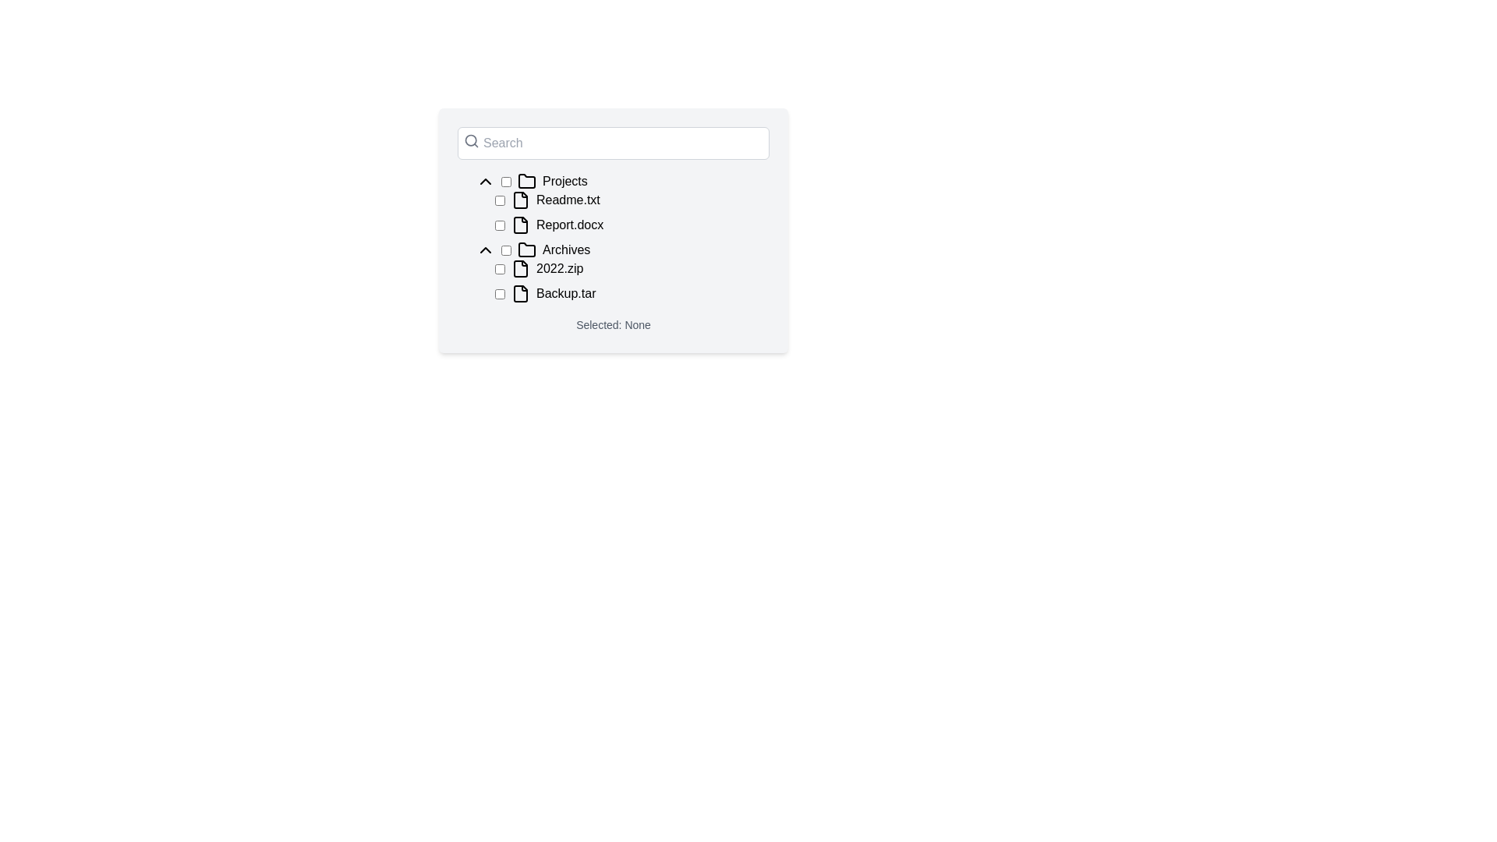  I want to click on the file named 'Report.docx' by clicking its associated checkbox located in the file list interface under the 'Projects' folder, so click(613, 231).